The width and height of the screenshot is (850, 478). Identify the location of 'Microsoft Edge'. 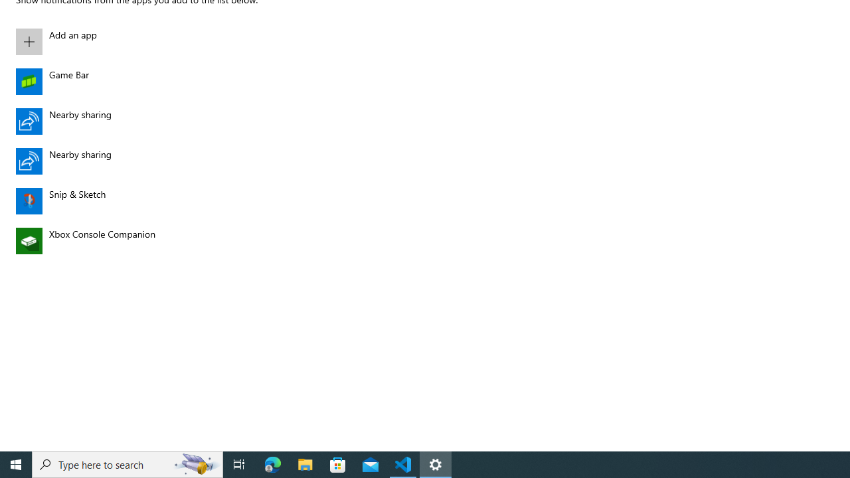
(272, 463).